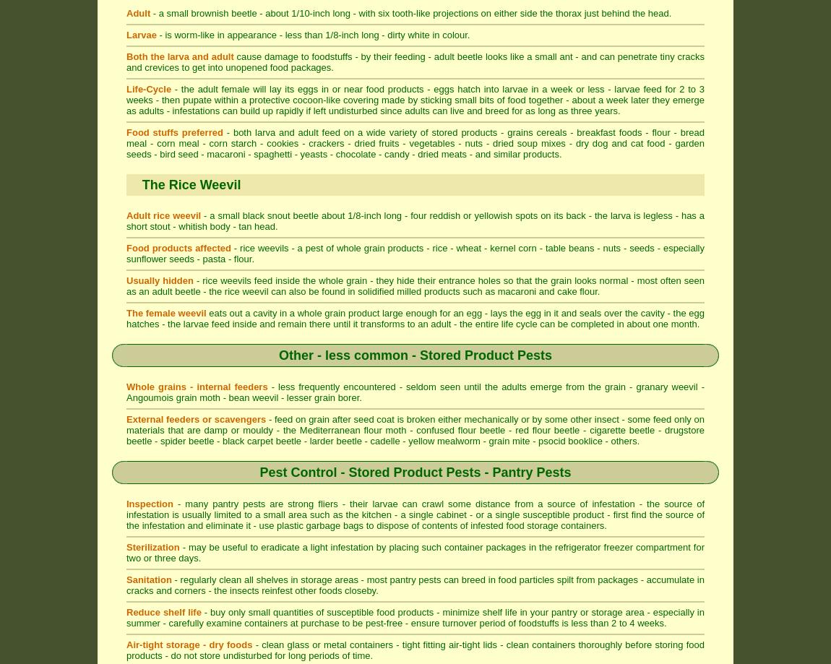 The image size is (831, 664). What do you see at coordinates (195, 419) in the screenshot?
I see `'External feeders or scavengers'` at bounding box center [195, 419].